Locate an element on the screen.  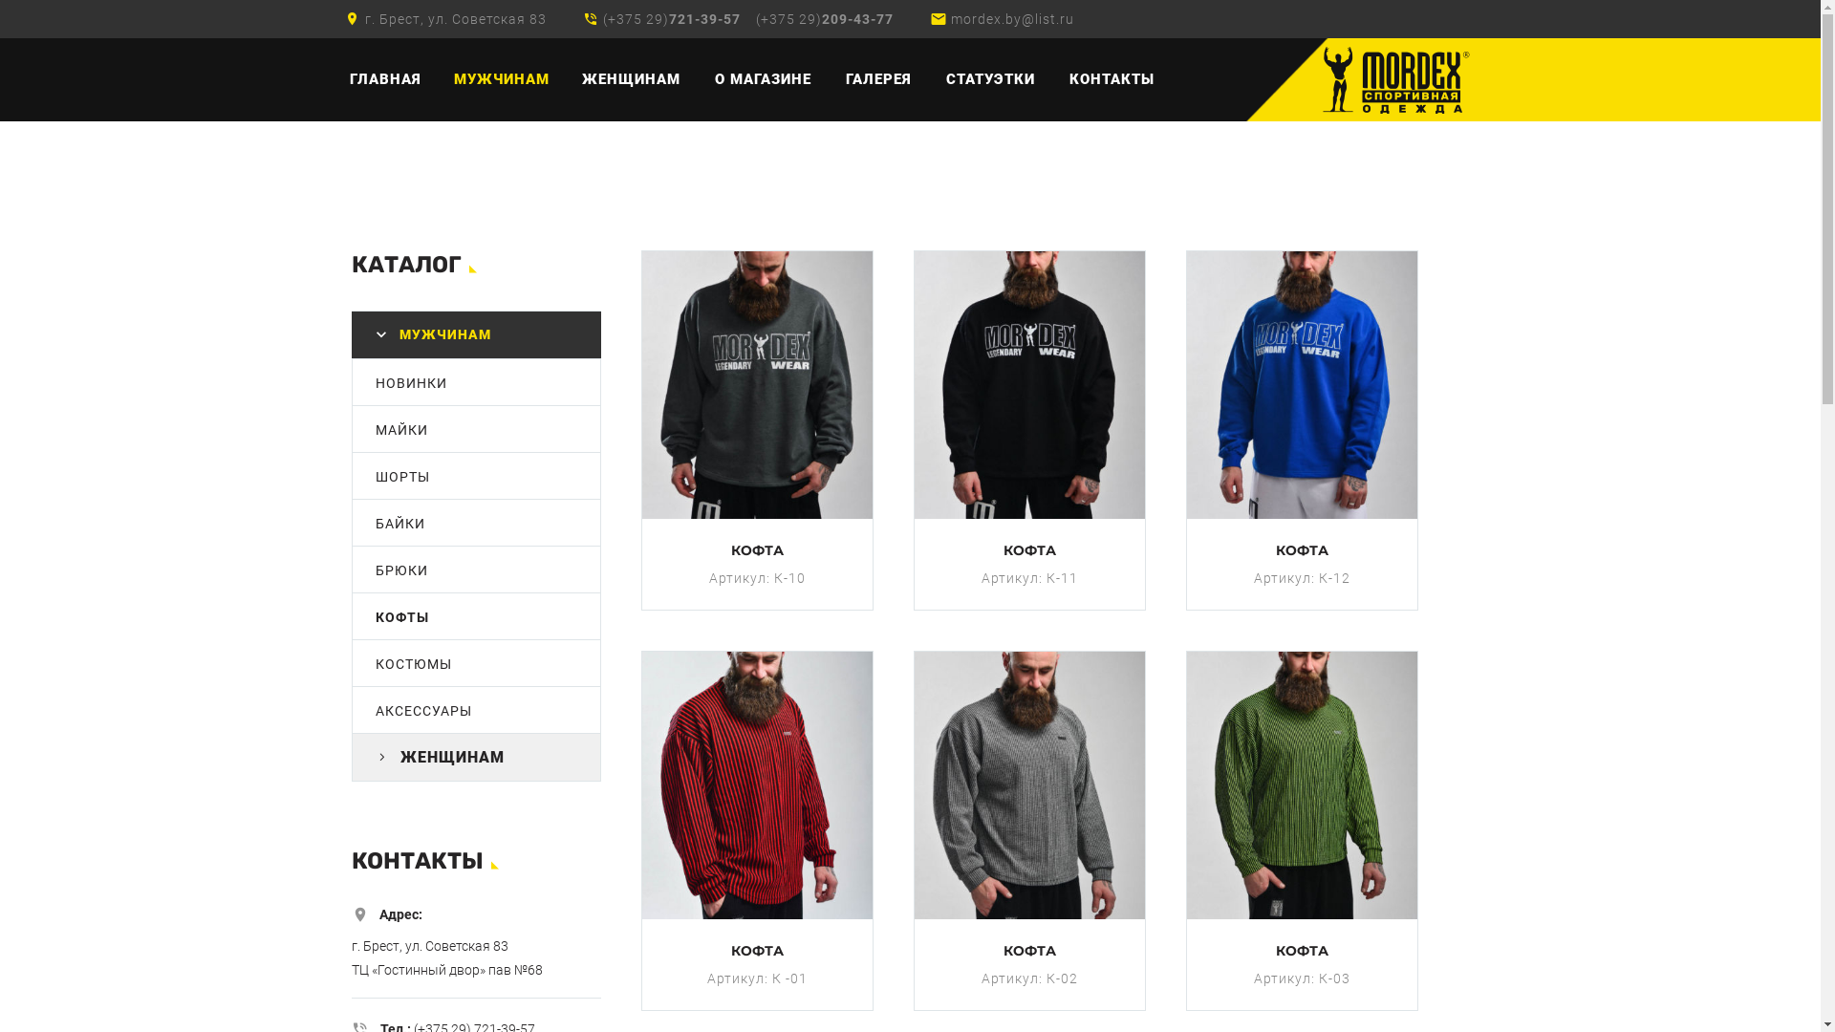
'mordex.by@list.ru' is located at coordinates (1011, 18).